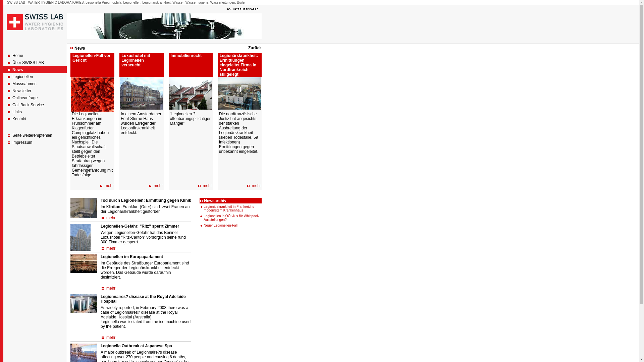  I want to click on 'mehr', so click(111, 248).